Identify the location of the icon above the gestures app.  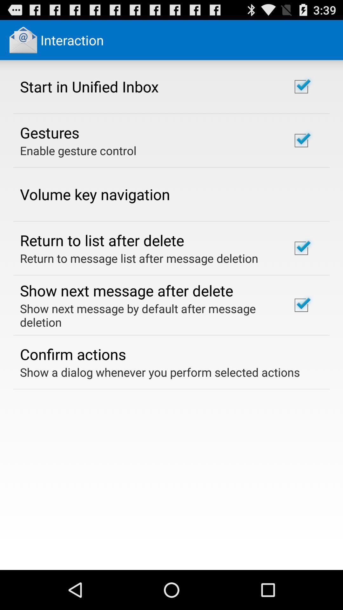
(89, 86).